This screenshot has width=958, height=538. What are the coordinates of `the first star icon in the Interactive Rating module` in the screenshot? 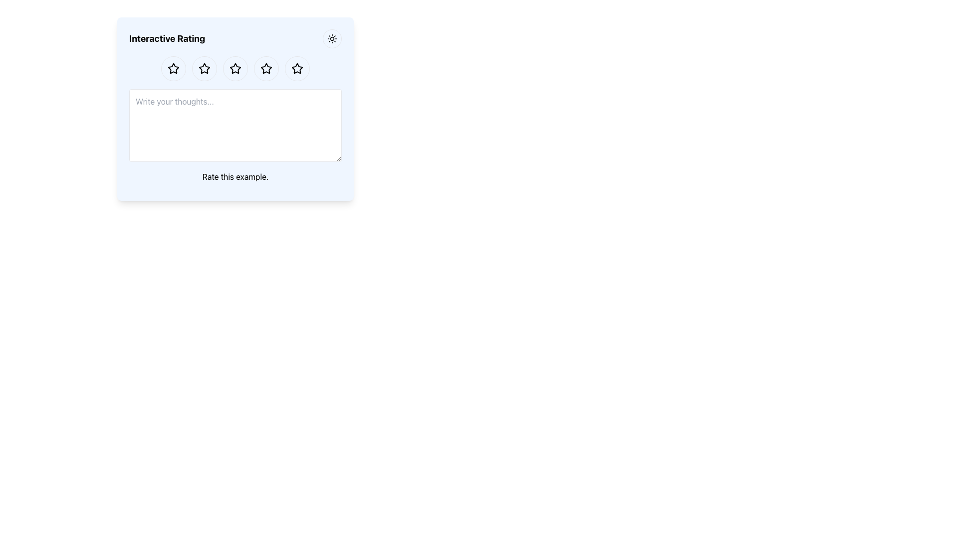 It's located at (173, 68).